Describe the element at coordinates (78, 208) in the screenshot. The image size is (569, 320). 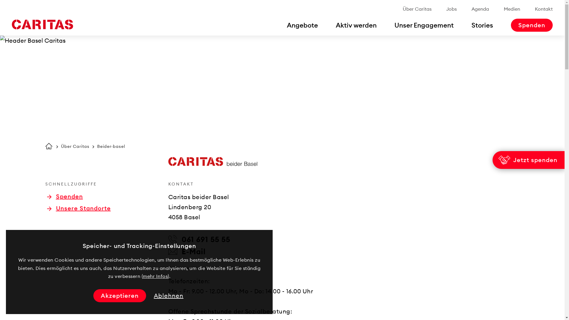
I see `'Unsere Standorte'` at that location.